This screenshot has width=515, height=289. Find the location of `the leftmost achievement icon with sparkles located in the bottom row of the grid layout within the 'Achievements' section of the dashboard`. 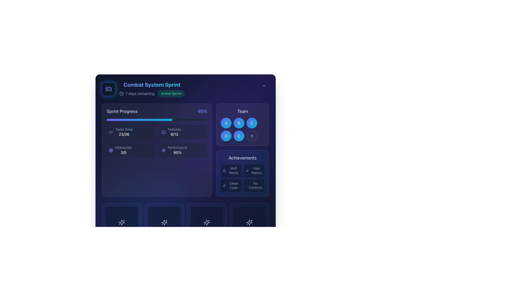

the leftmost achievement icon with sparkles located in the bottom row of the grid layout within the 'Achievements' section of the dashboard is located at coordinates (122, 223).